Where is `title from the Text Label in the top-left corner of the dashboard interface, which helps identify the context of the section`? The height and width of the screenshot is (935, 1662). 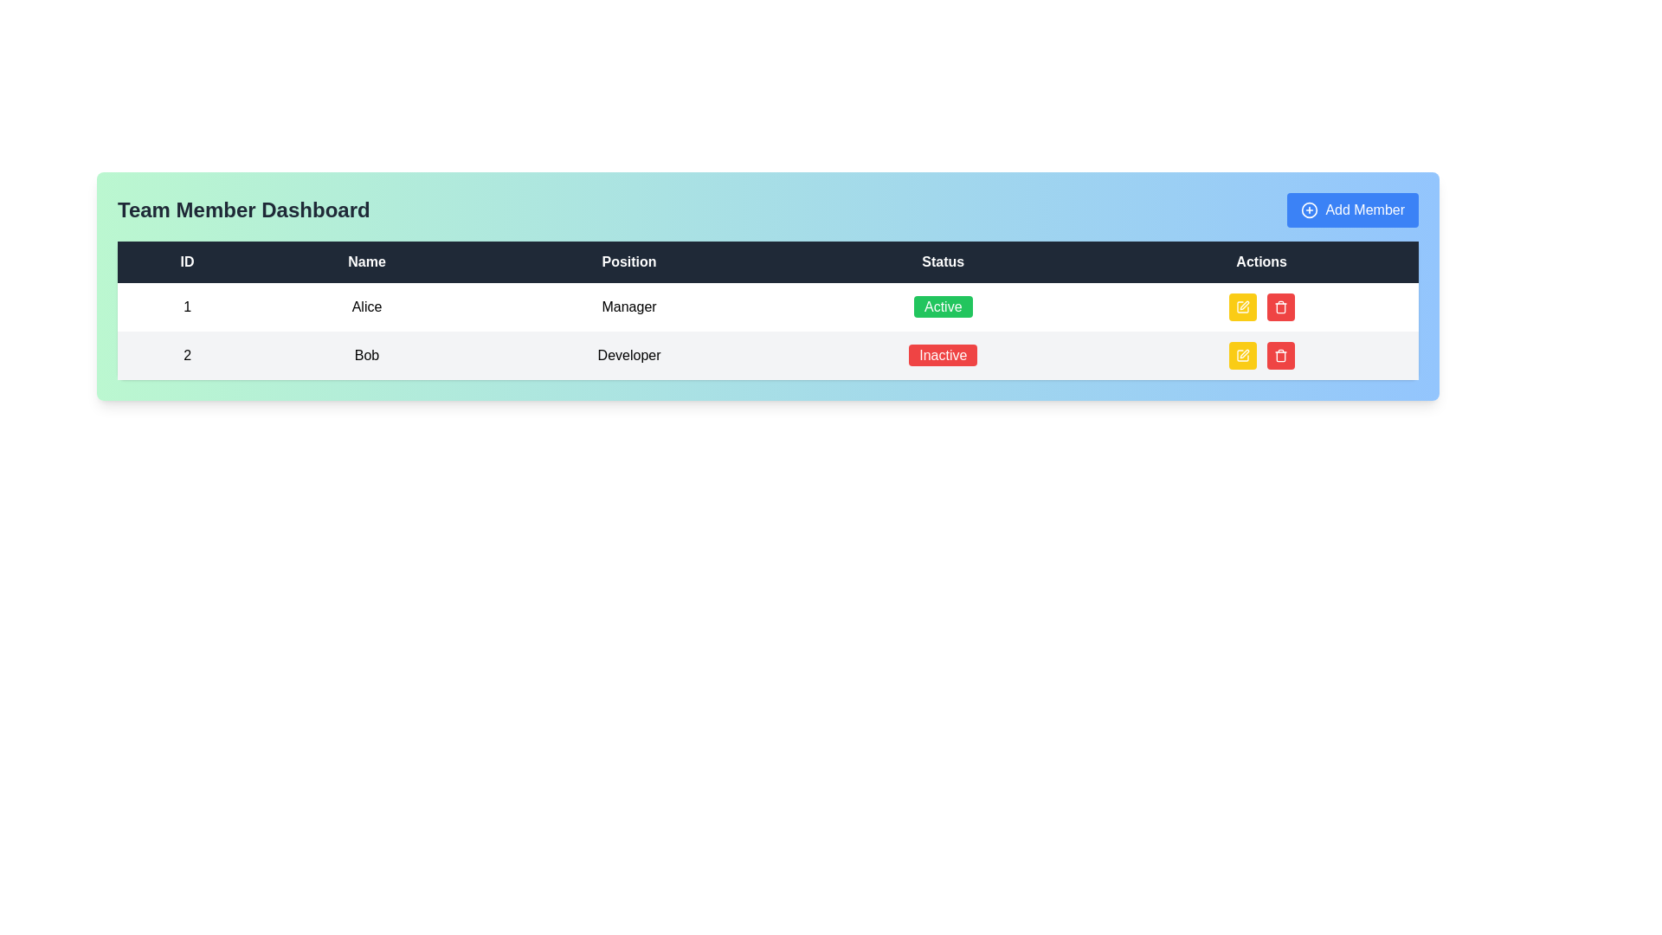
title from the Text Label in the top-left corner of the dashboard interface, which helps identify the context of the section is located at coordinates (242, 210).